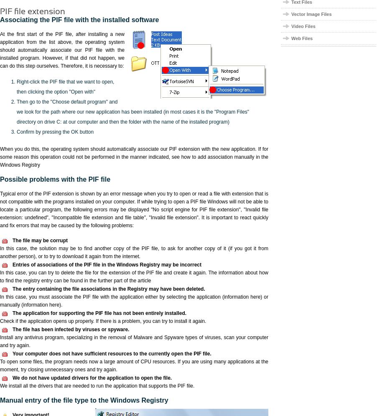 This screenshot has width=377, height=416. What do you see at coordinates (108, 289) in the screenshot?
I see `'The entry containing the file associations in the Registry may have been deleted.'` at bounding box center [108, 289].